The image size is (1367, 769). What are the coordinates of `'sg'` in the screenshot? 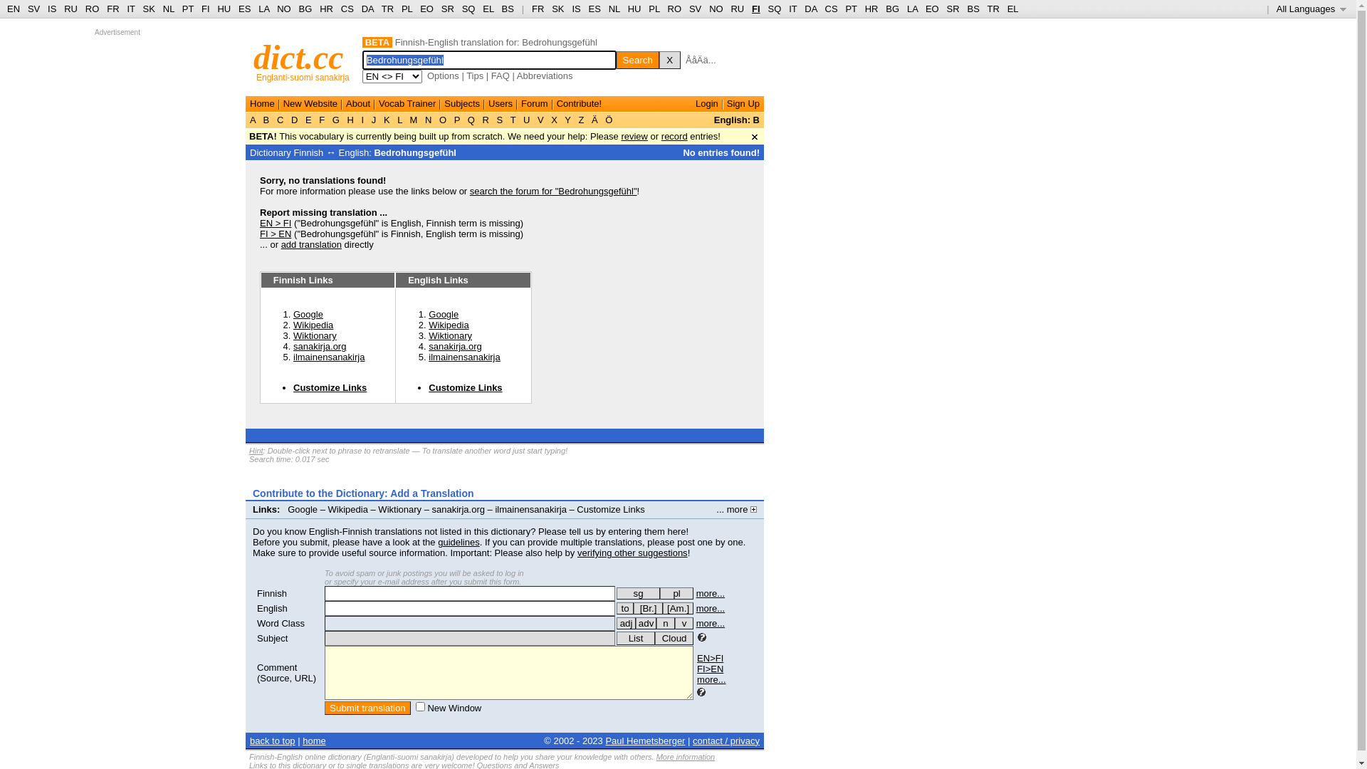 It's located at (616, 593).